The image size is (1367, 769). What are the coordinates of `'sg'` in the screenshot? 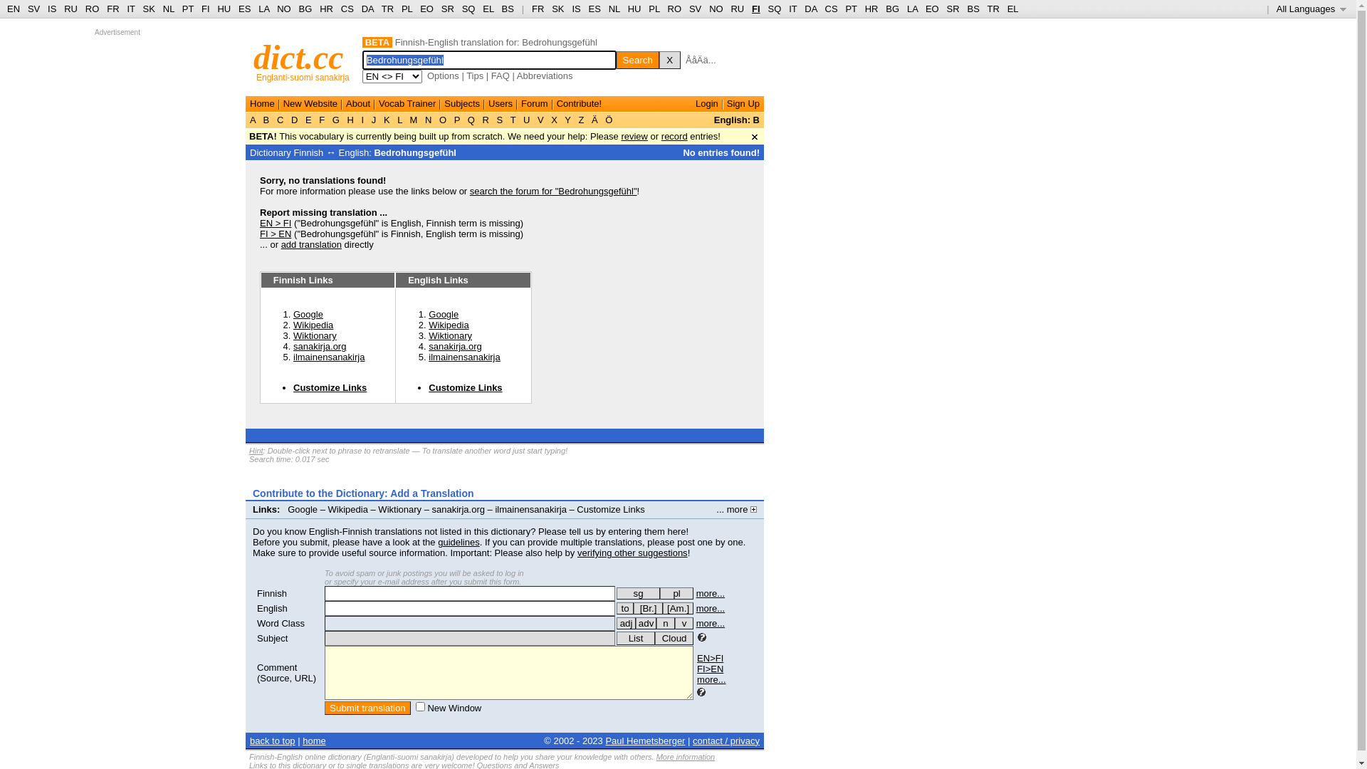 It's located at (616, 593).